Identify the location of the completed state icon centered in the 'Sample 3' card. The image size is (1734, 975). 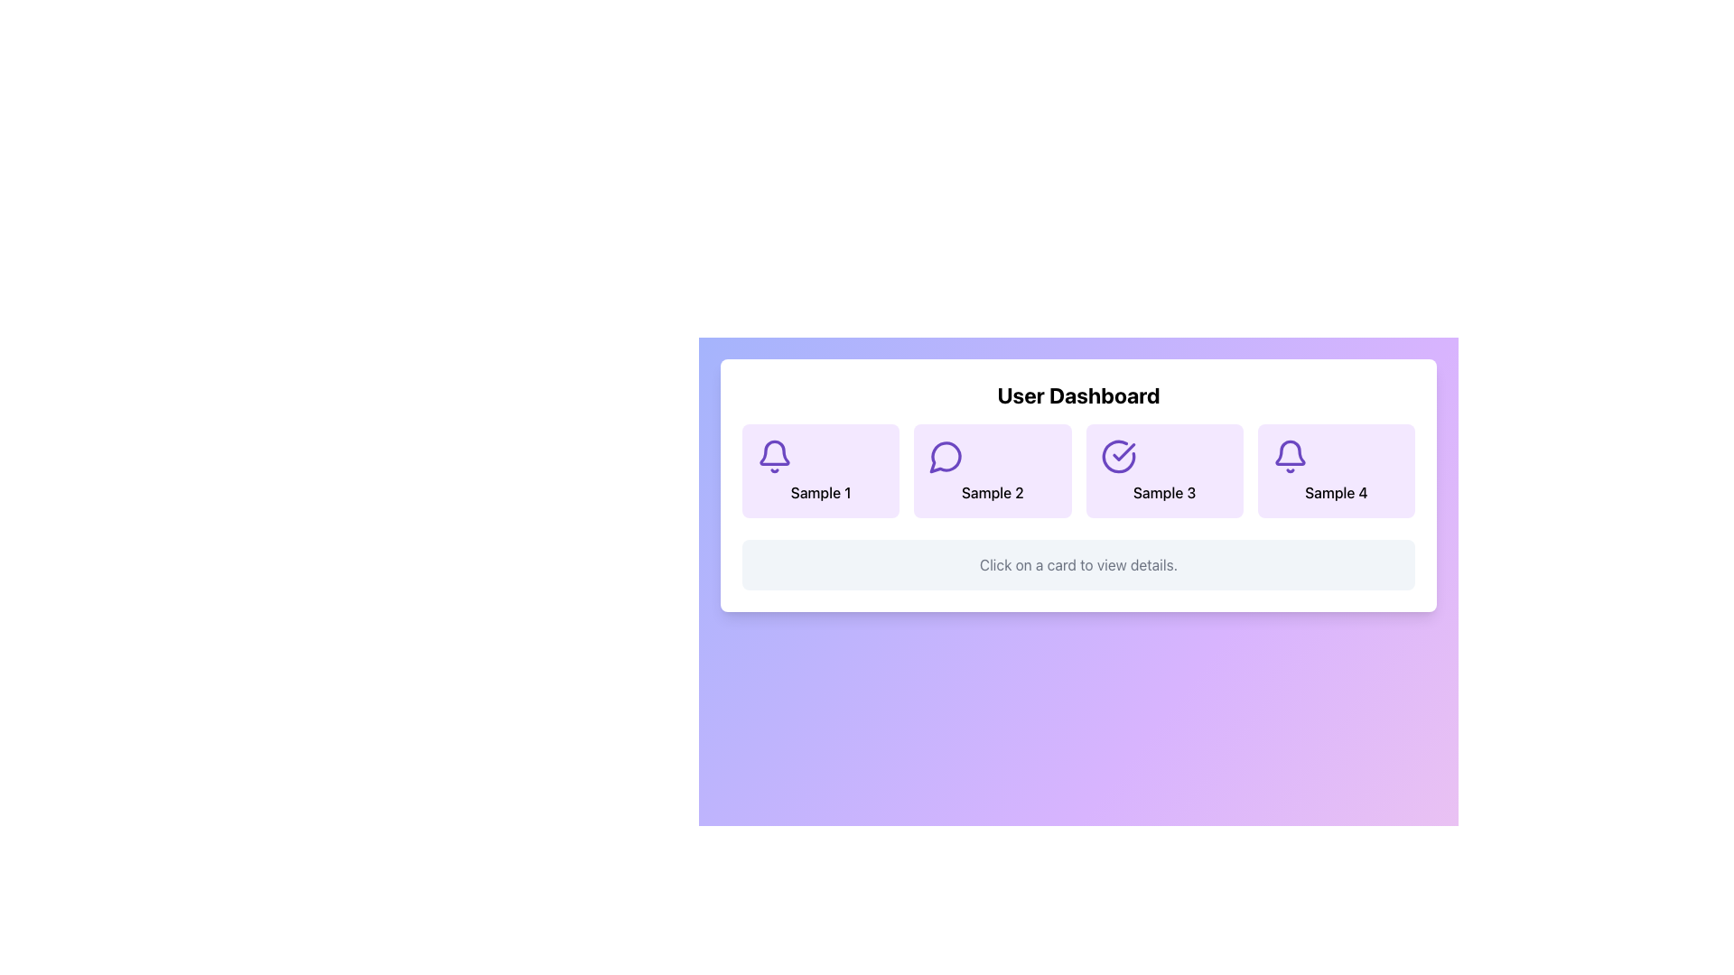
(1117, 455).